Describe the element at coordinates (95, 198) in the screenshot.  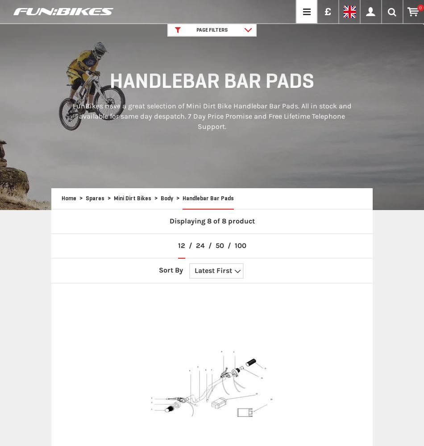
I see `'Spares'` at that location.